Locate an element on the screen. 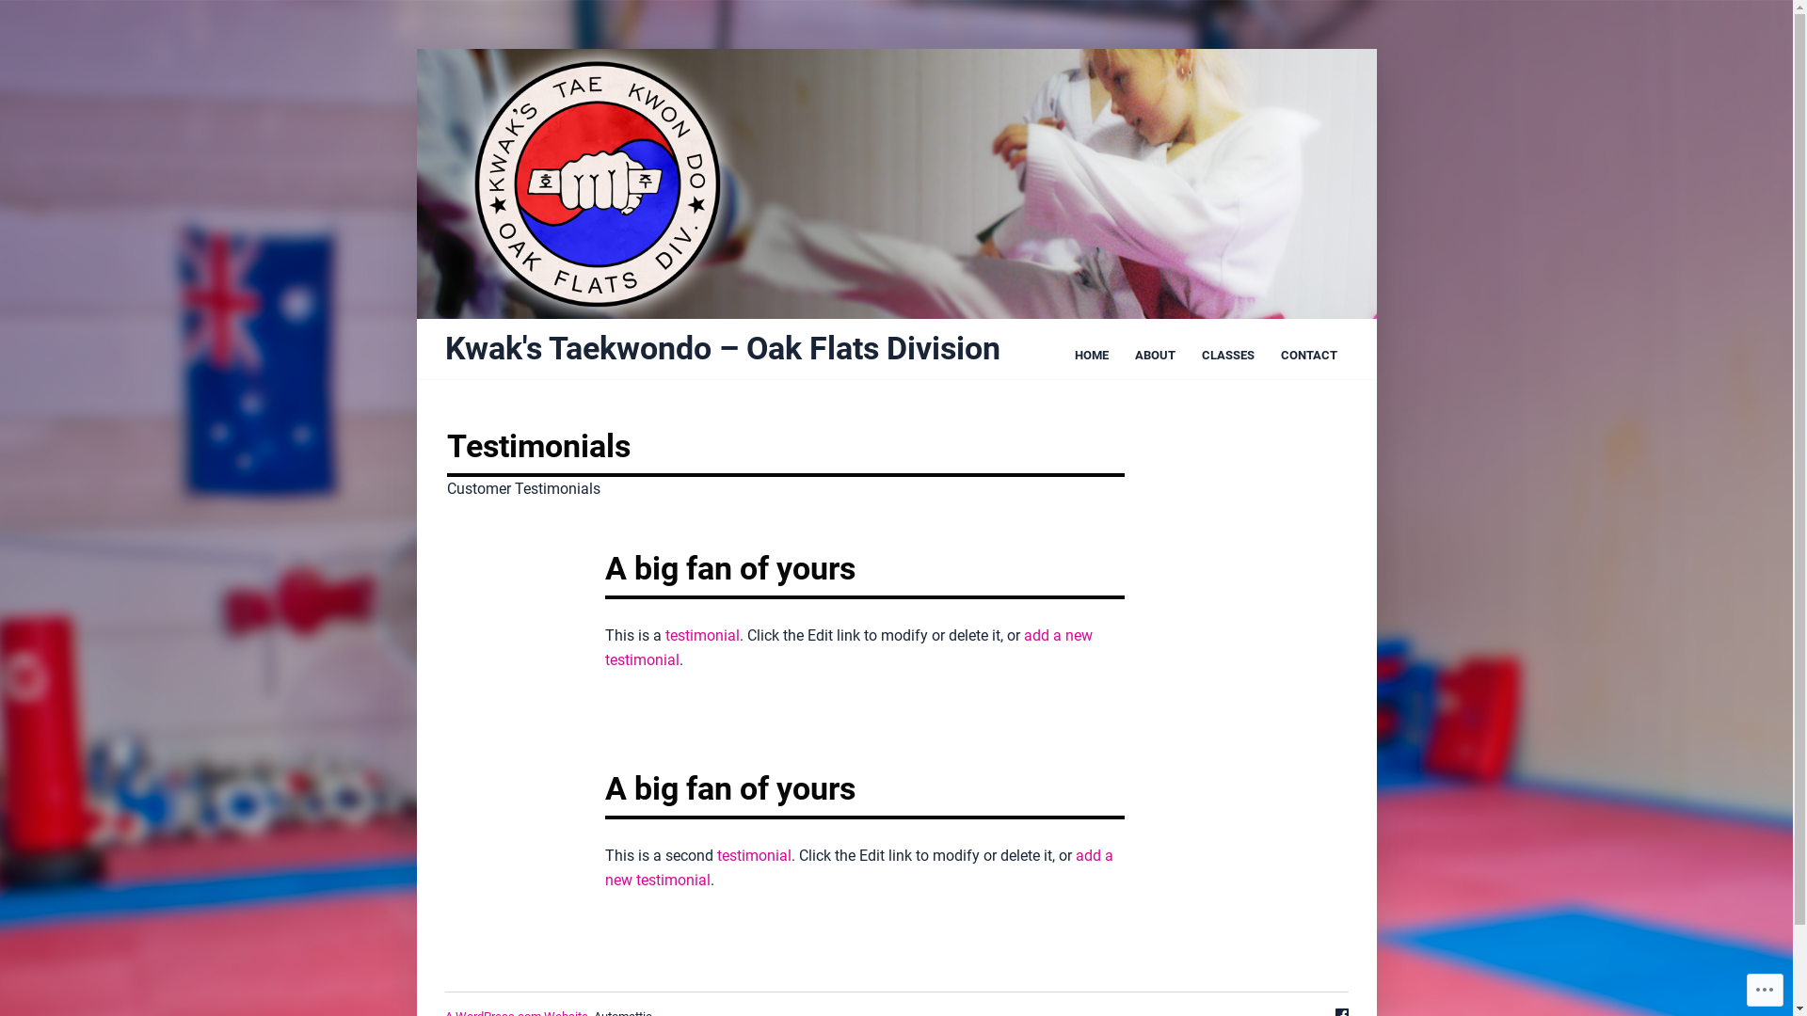  'ABOUT' is located at coordinates (1133, 355).